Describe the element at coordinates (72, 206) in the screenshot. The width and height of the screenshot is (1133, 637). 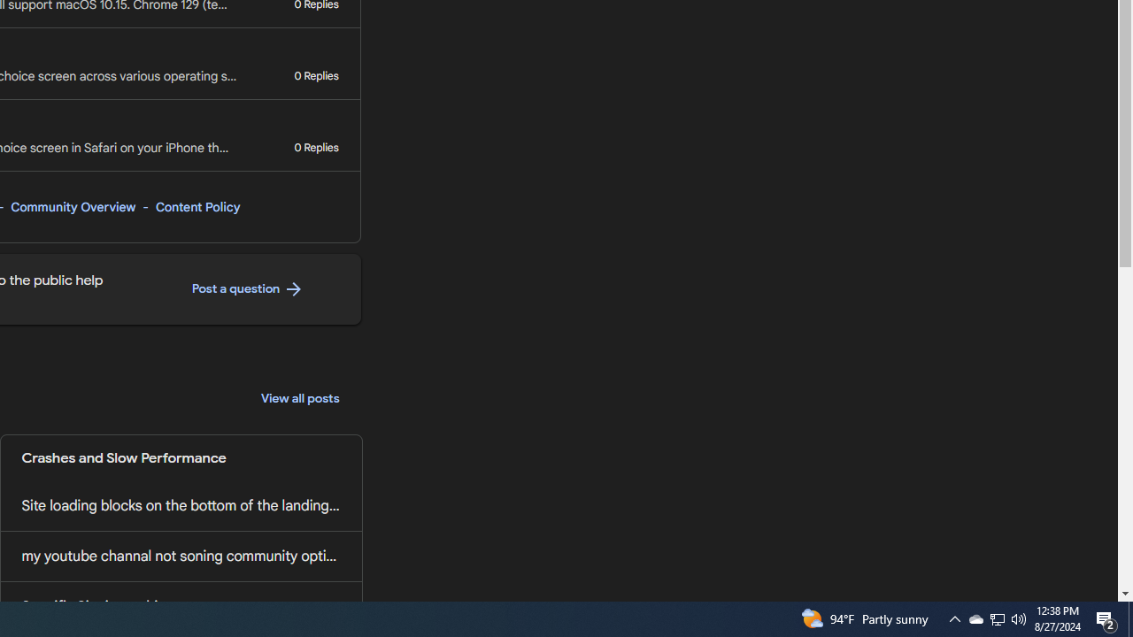
I see `'Community Overview'` at that location.